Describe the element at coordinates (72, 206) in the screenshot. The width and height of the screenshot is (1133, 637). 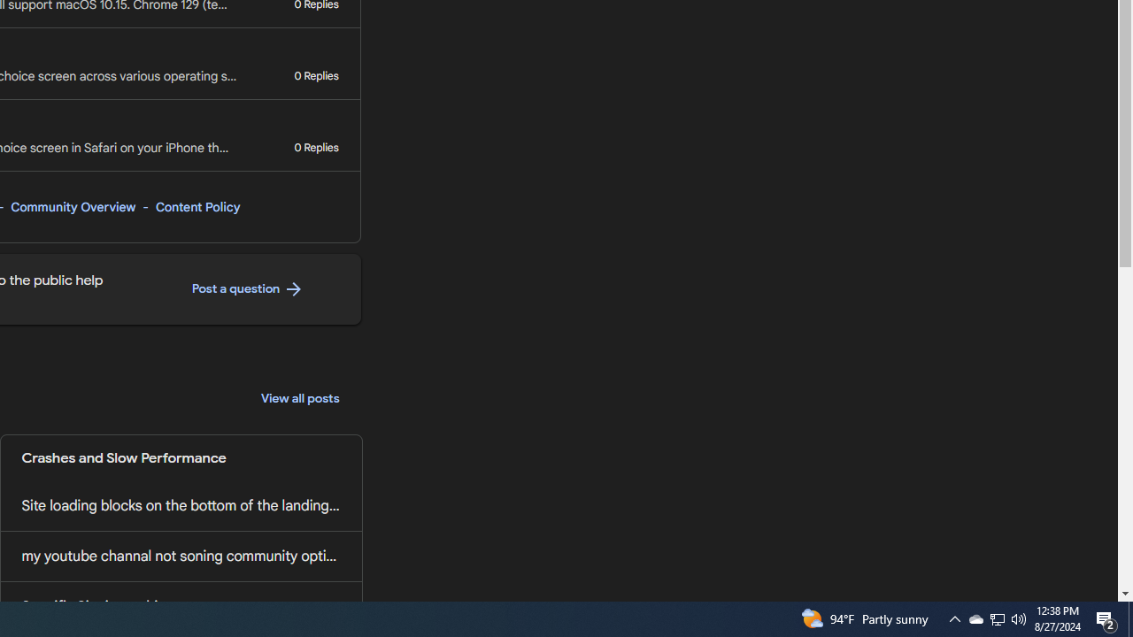
I see `'Community Overview'` at that location.